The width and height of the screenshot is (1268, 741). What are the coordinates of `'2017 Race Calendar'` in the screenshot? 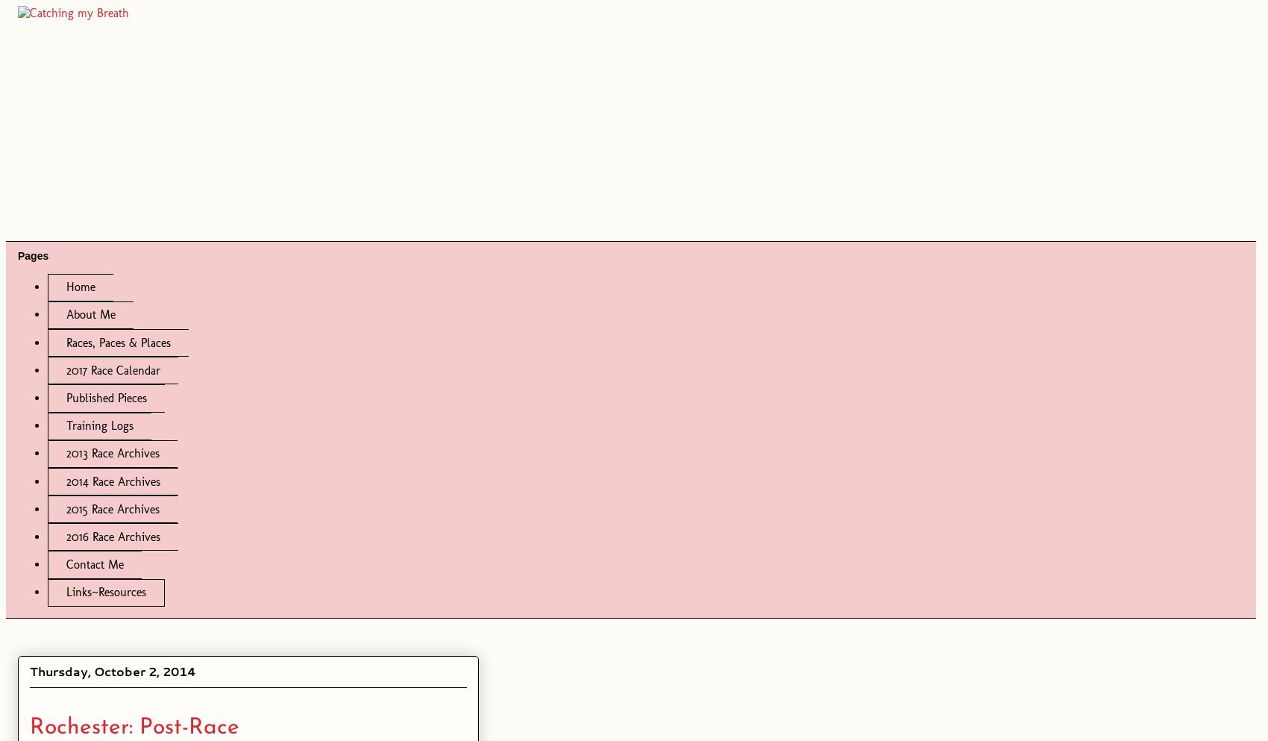 It's located at (112, 369).